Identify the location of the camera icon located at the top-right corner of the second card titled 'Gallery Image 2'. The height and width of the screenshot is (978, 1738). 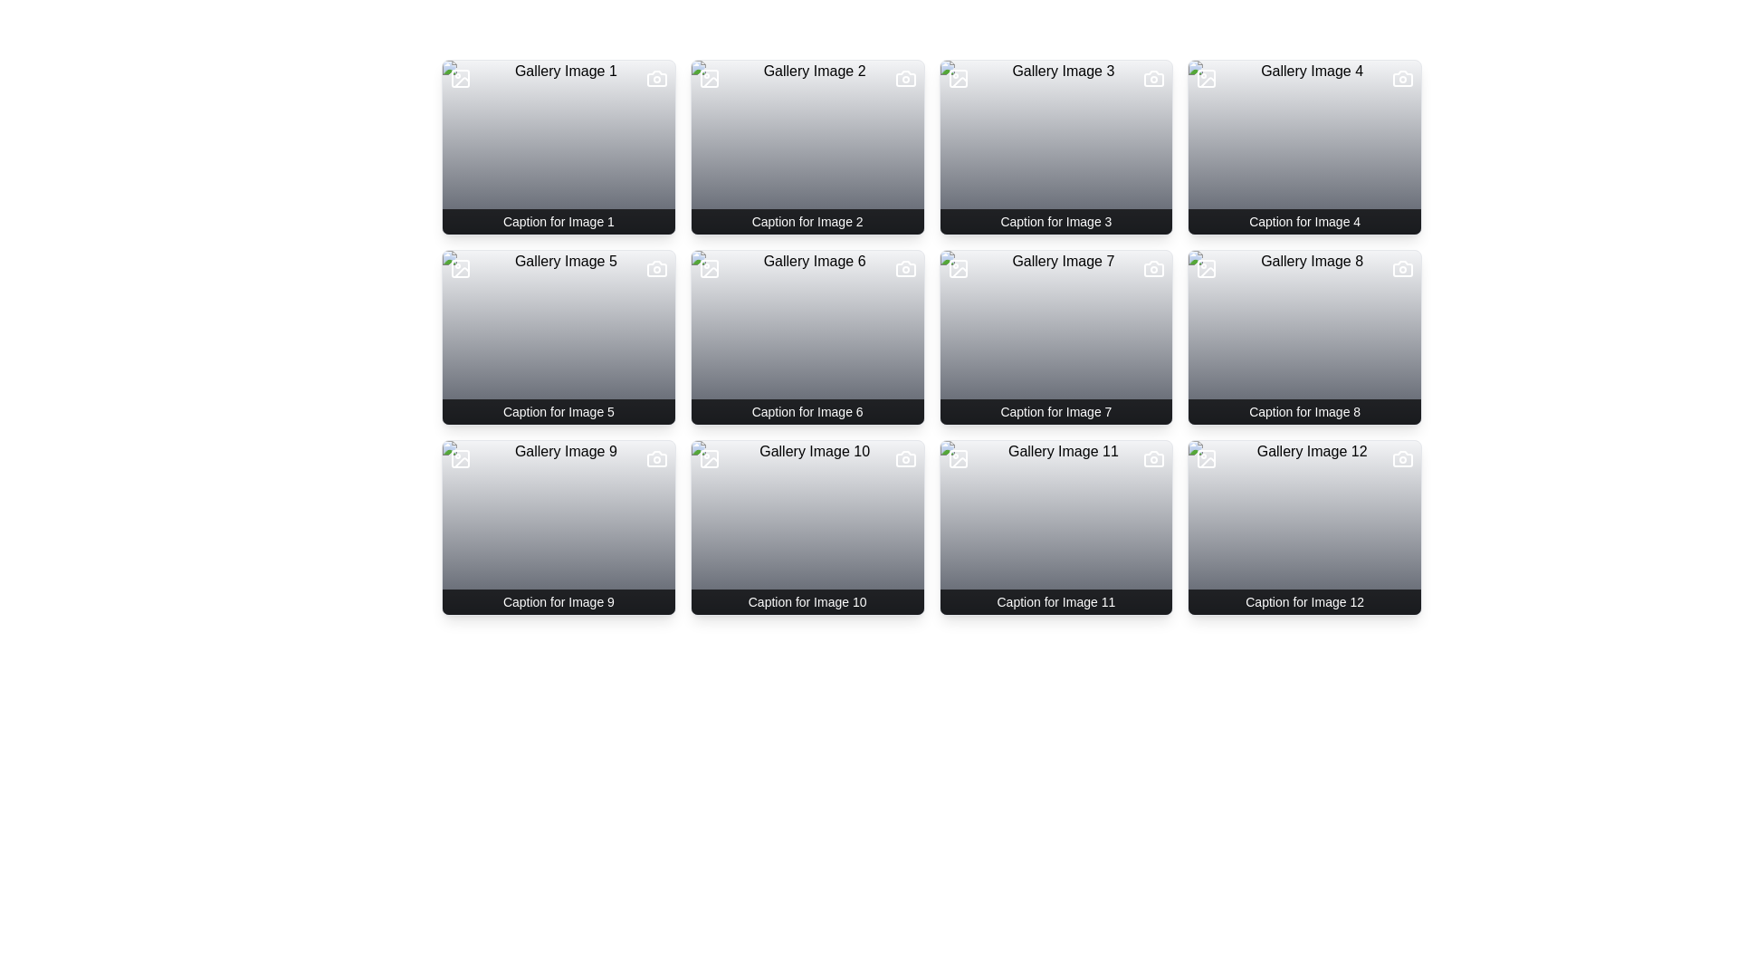
(905, 78).